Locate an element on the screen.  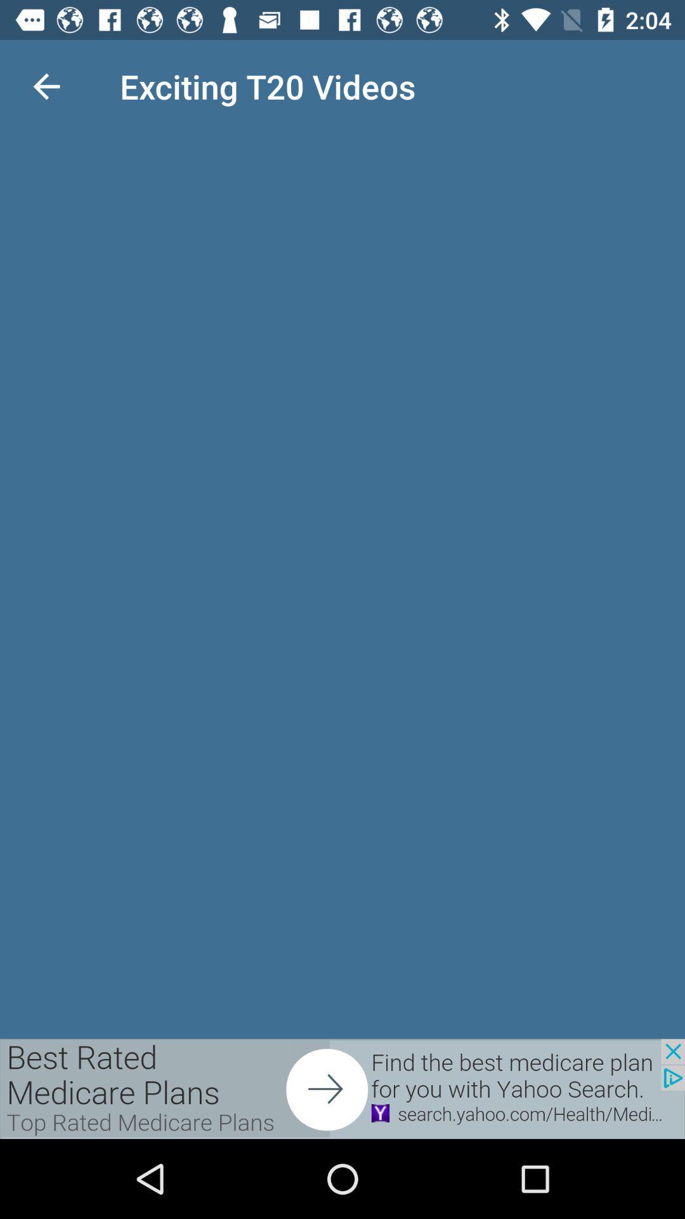
advertisement is located at coordinates (342, 1088).